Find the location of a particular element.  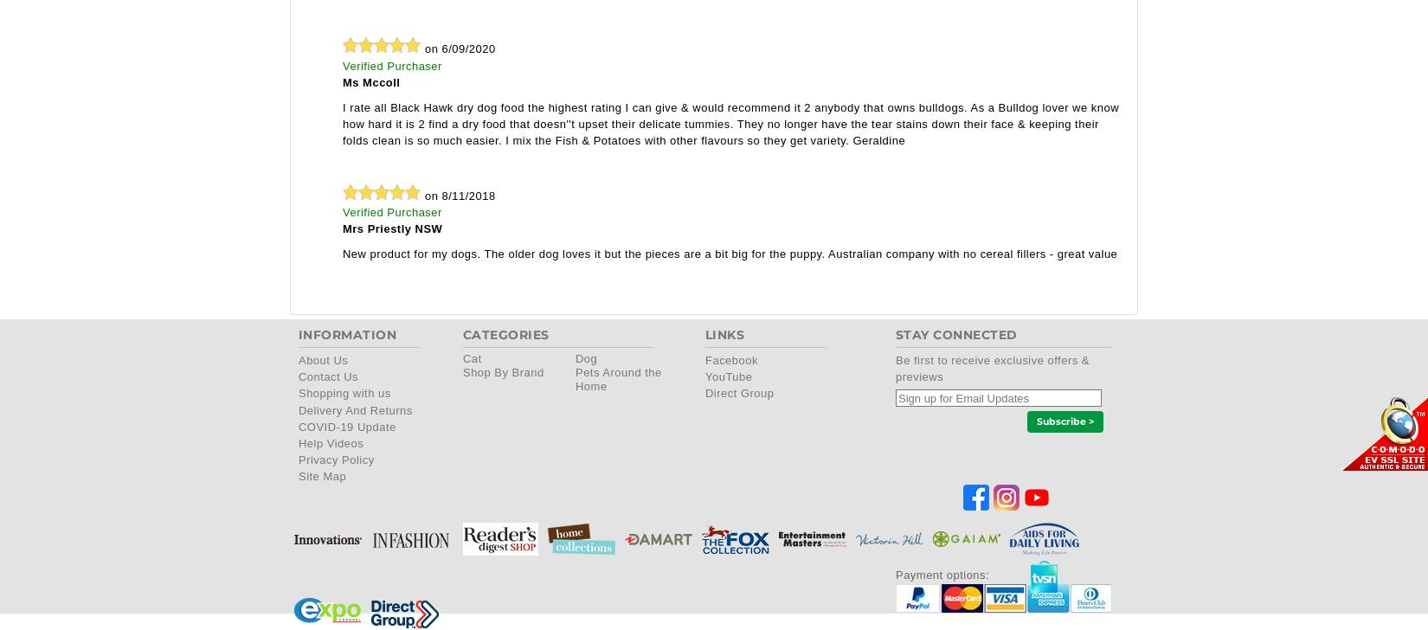

'Help Videos' is located at coordinates (331, 441).